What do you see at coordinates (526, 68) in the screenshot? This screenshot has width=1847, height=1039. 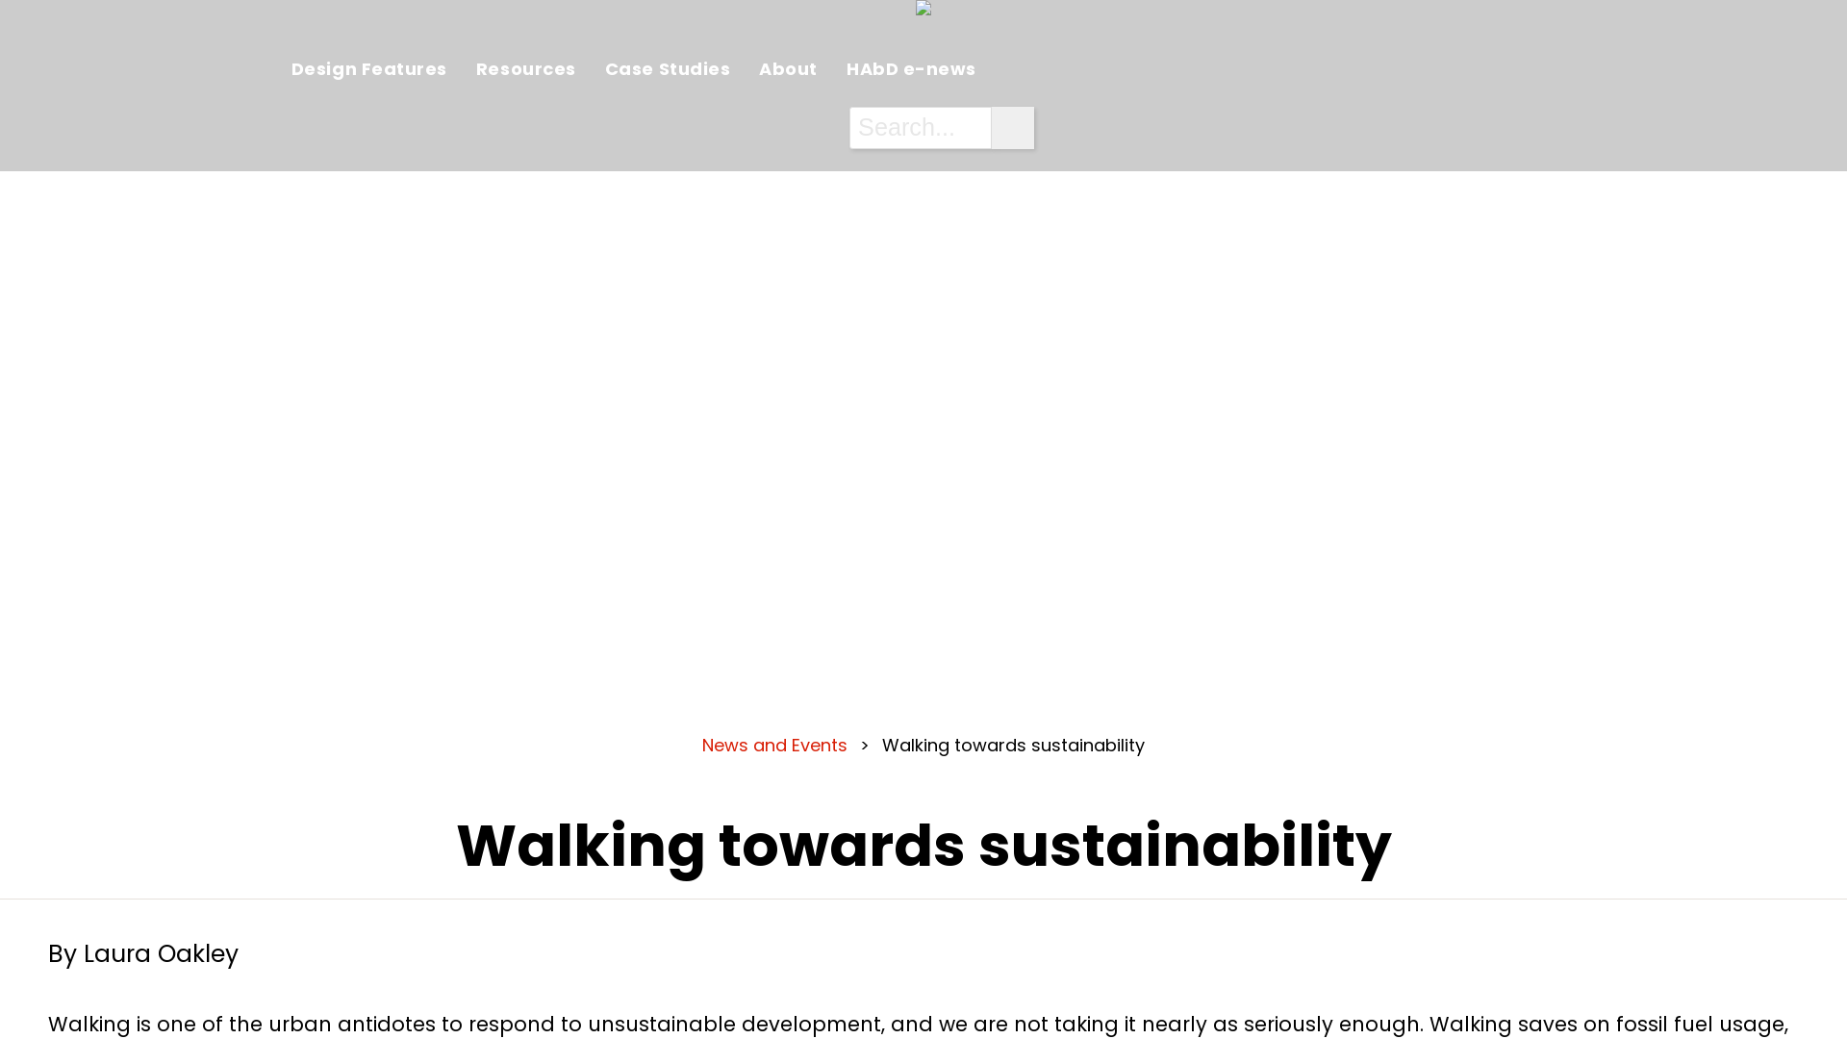 I see `'Resources'` at bounding box center [526, 68].